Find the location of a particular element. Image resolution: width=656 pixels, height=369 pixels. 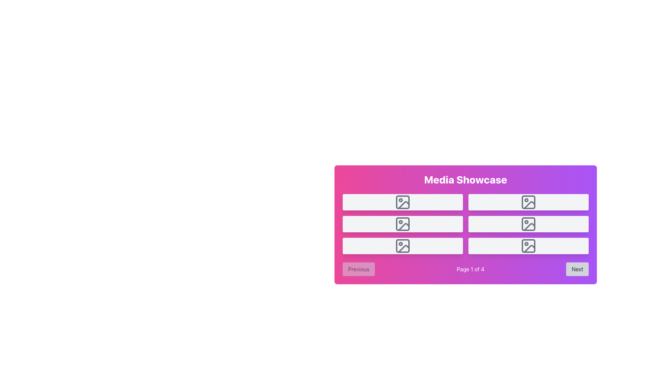

the image placeholder located in the top-left quadrant of the grid layout, specifically the first item in a visible 2x3 grid arrangement under the header 'Media Showcase' is located at coordinates (403, 202).